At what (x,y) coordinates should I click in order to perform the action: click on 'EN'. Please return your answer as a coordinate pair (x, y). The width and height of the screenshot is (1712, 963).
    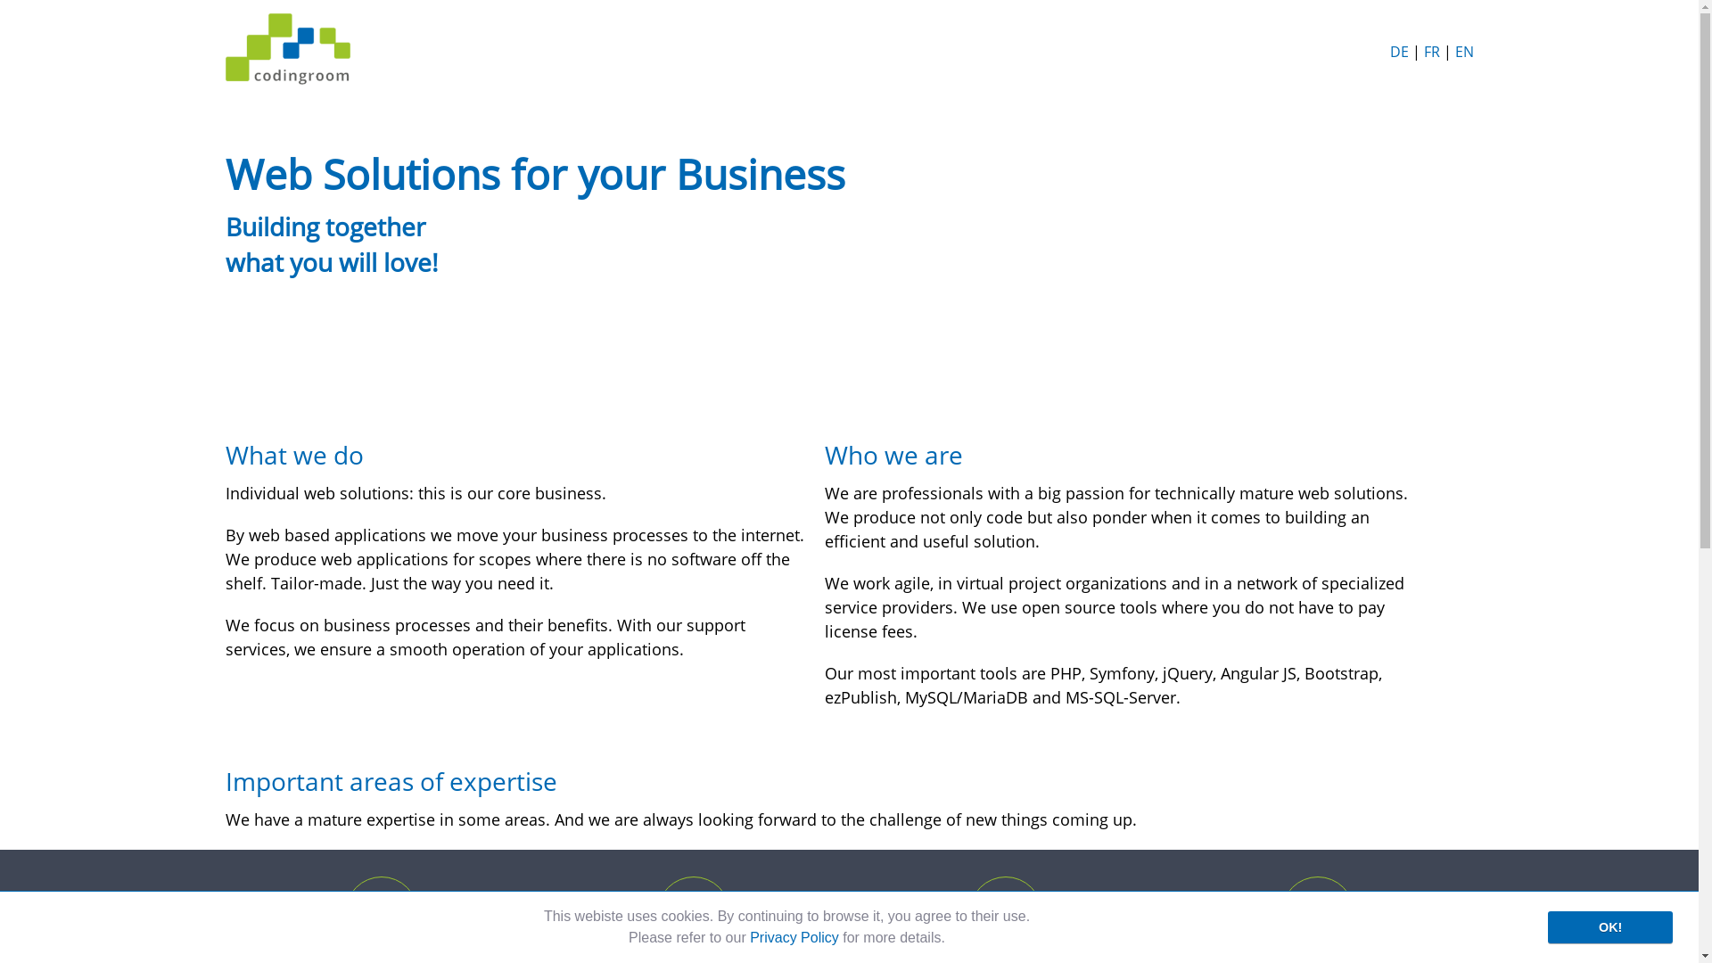
    Looking at the image, I should click on (1464, 50).